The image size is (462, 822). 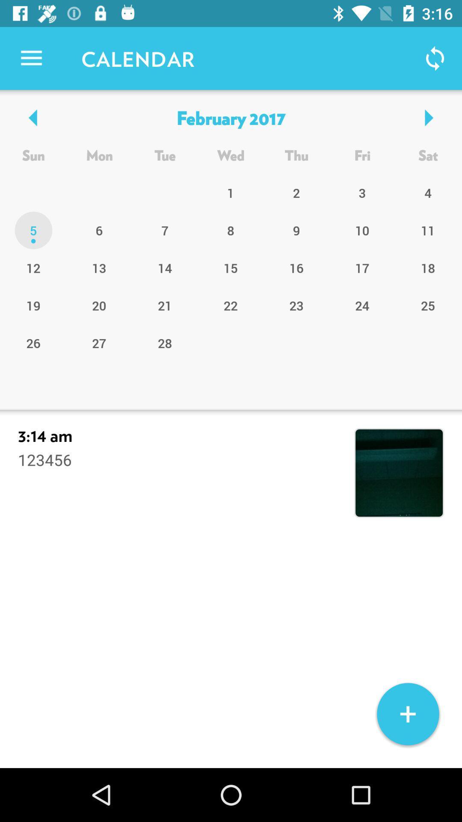 I want to click on the arrow_backward icon, so click(x=33, y=117).